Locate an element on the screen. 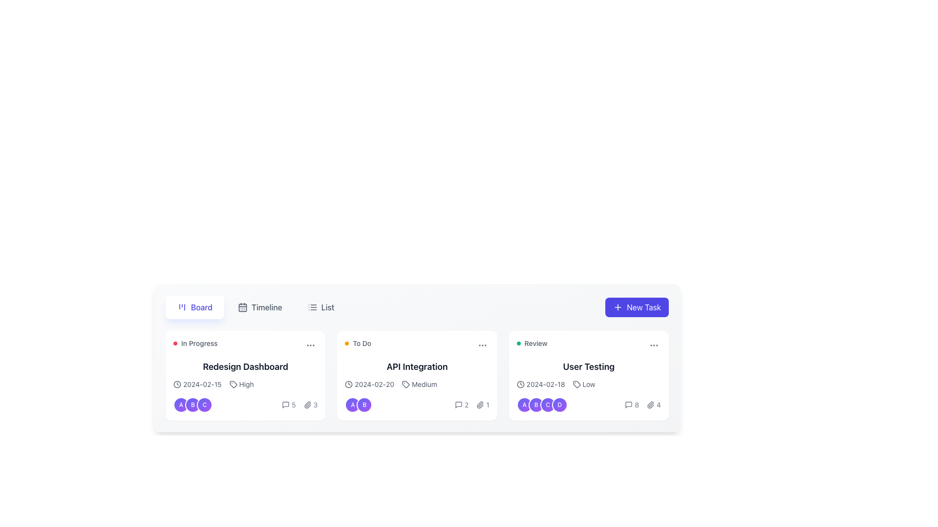 The height and width of the screenshot is (527, 938). displayed data in the Composite information display located in the second column of the task board under the card titled 'API Integration', near the bottom of the card is located at coordinates (417, 405).